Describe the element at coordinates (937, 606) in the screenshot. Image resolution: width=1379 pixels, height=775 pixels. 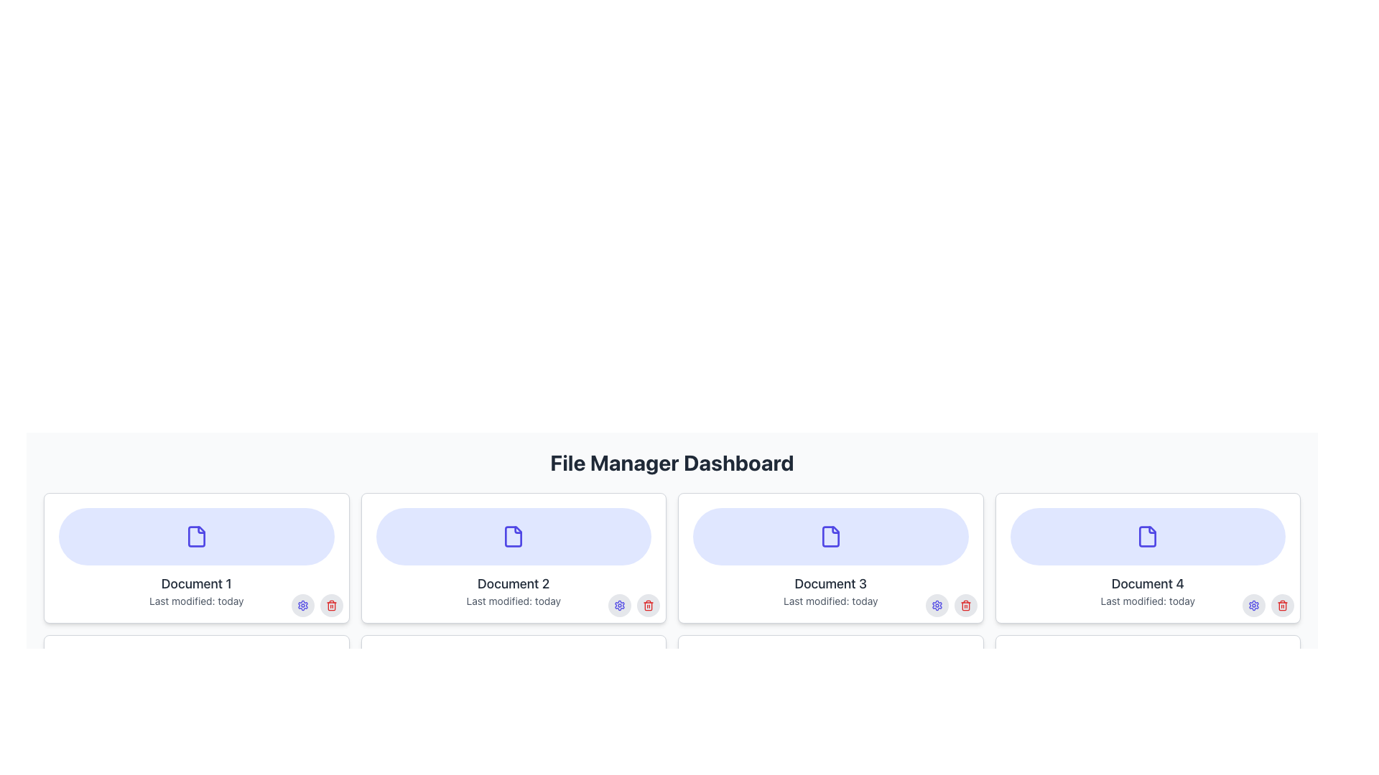
I see `the indigo gear icon located at the bottom-right corner of the 'Document 4' card` at that location.